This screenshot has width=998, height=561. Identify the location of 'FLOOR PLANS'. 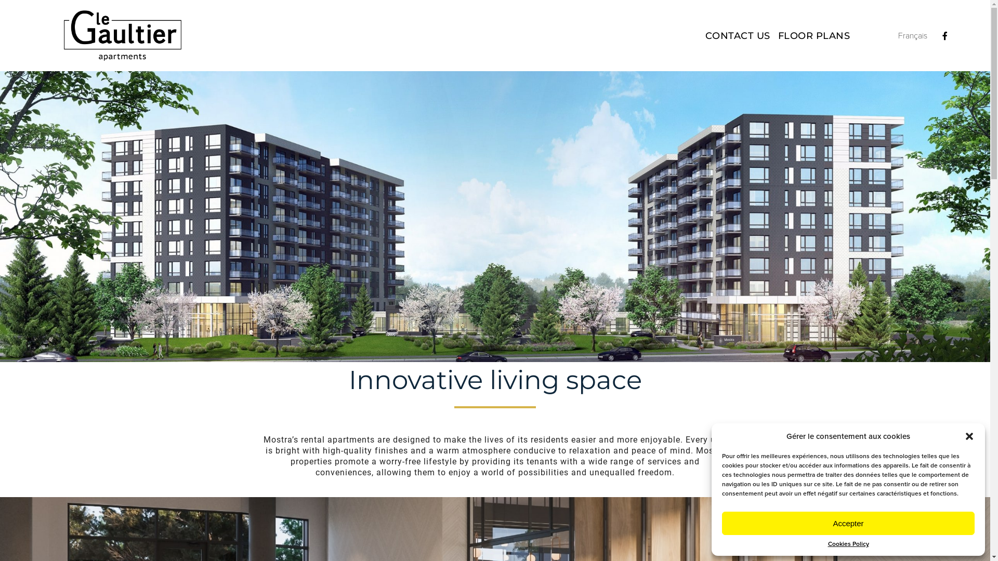
(813, 35).